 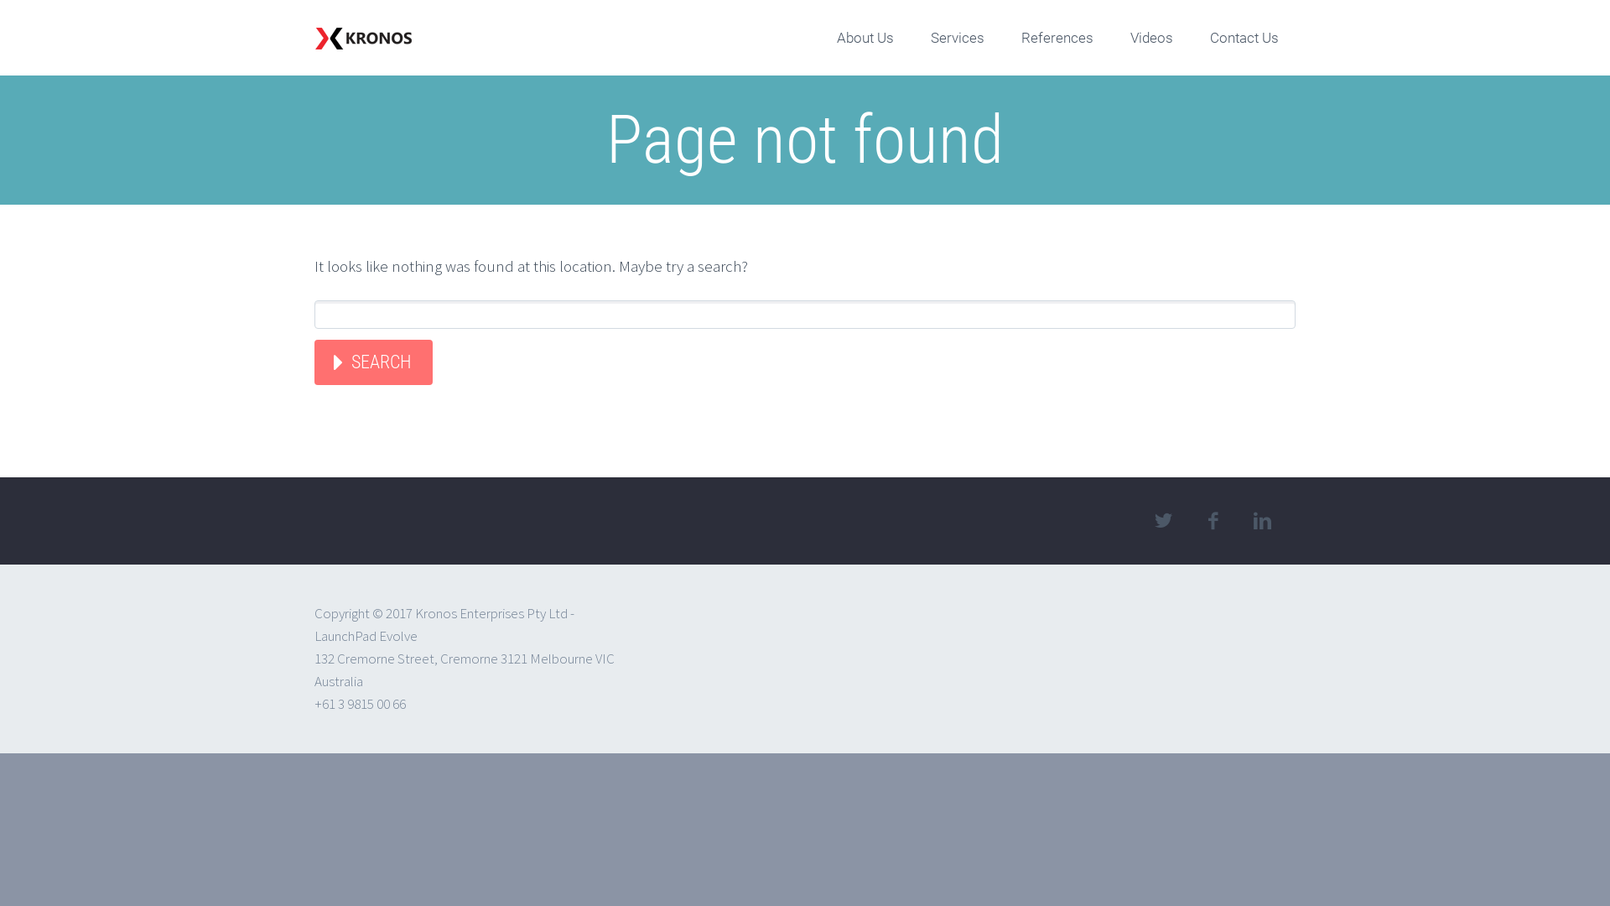 I want to click on 'References', so click(x=1005, y=38).